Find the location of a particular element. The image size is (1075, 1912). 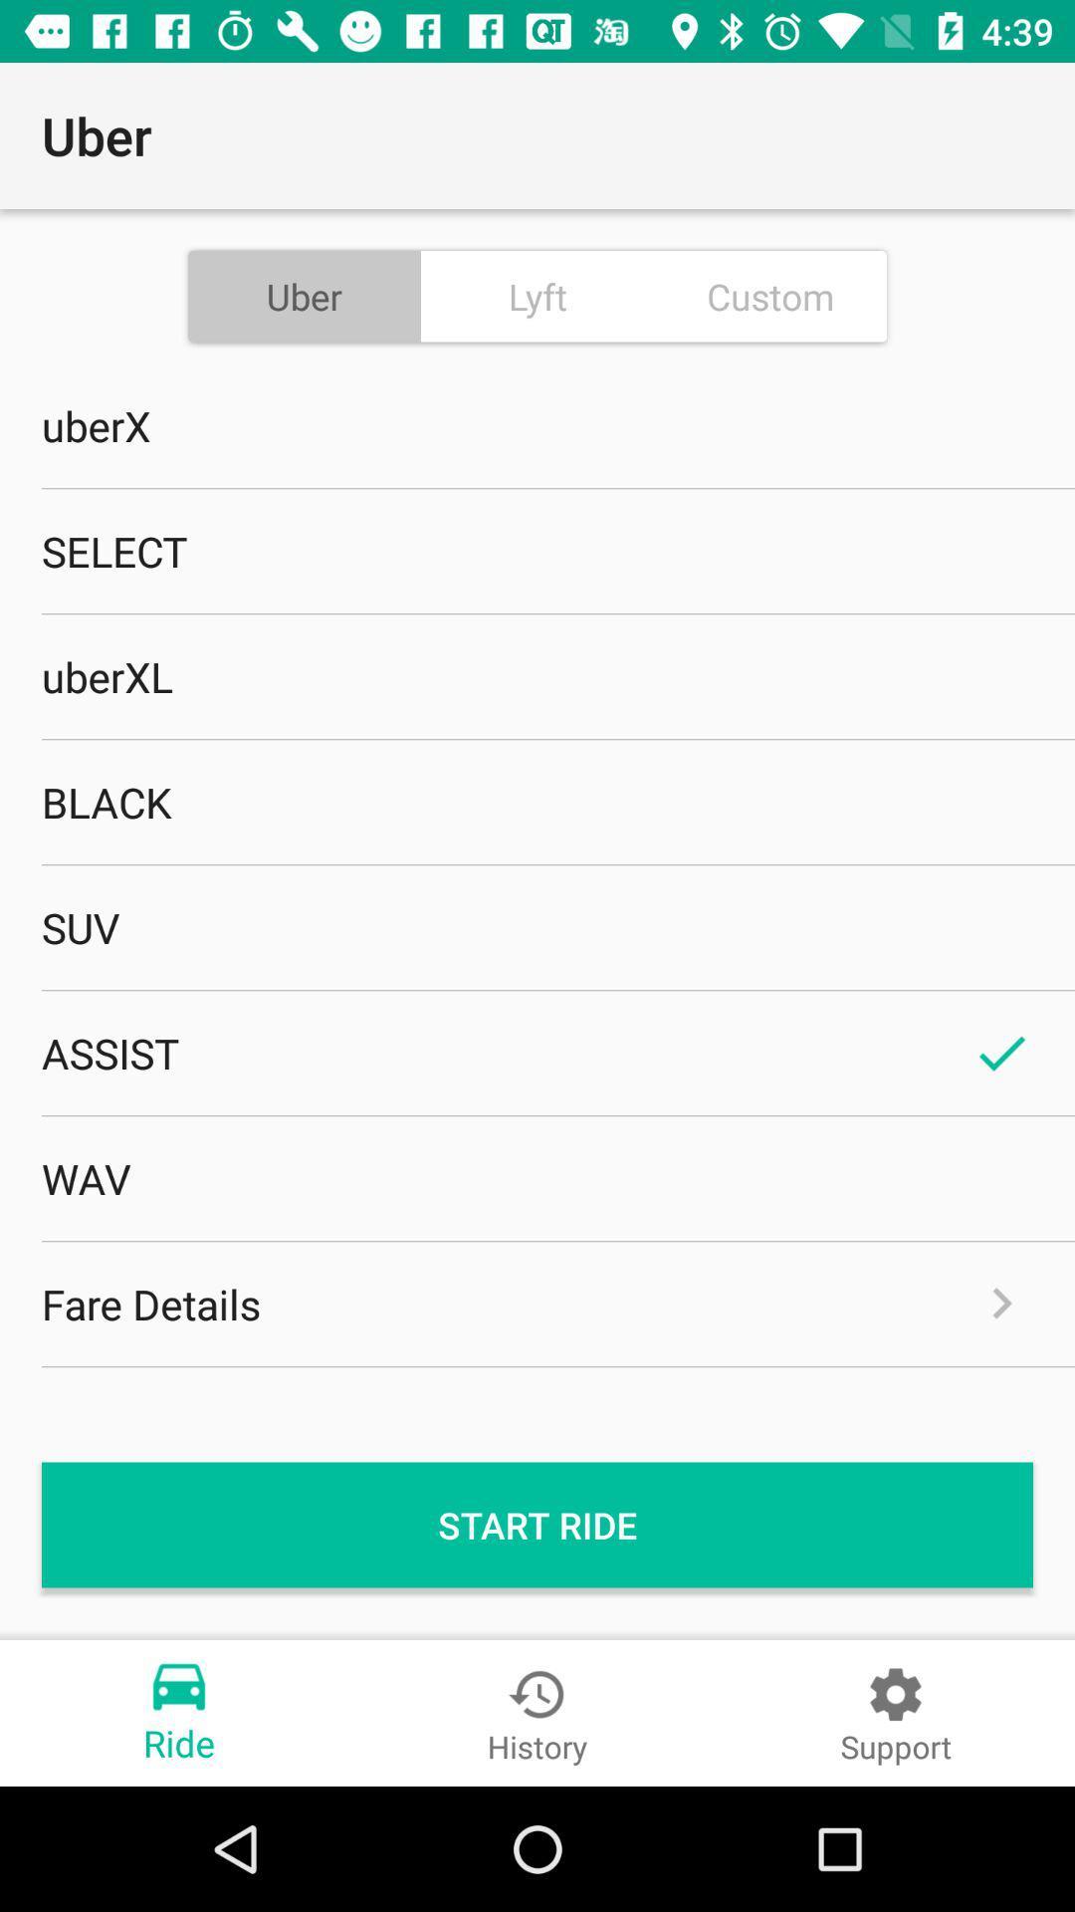

wav item is located at coordinates (537, 1178).